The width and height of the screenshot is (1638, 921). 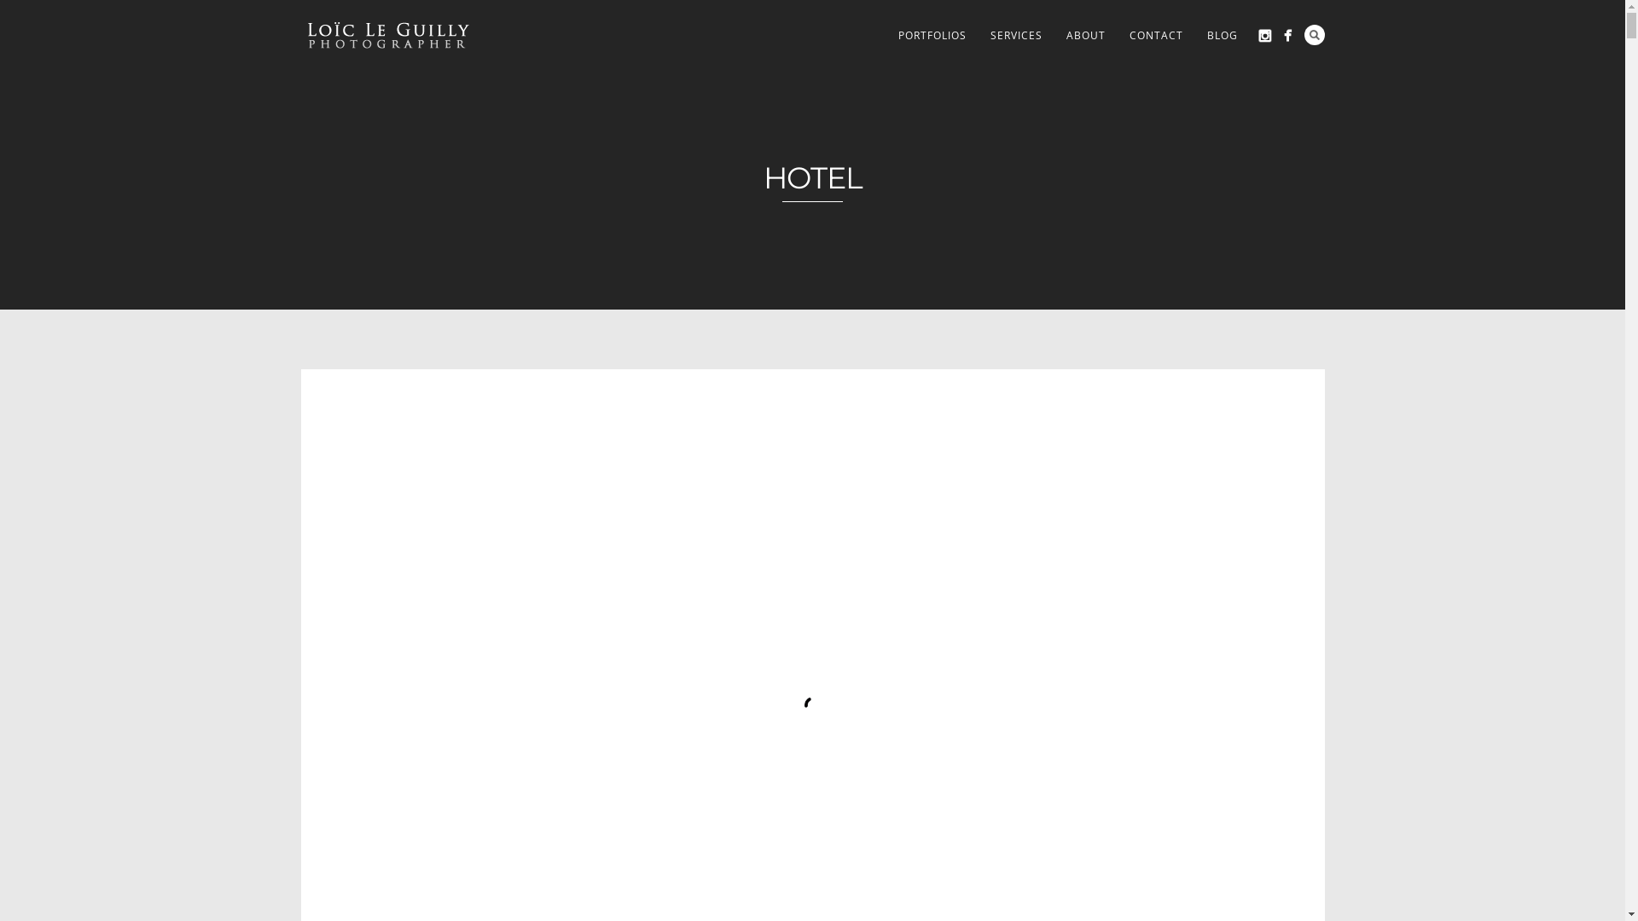 What do you see at coordinates (1118, 36) in the screenshot?
I see `'CONTACT'` at bounding box center [1118, 36].